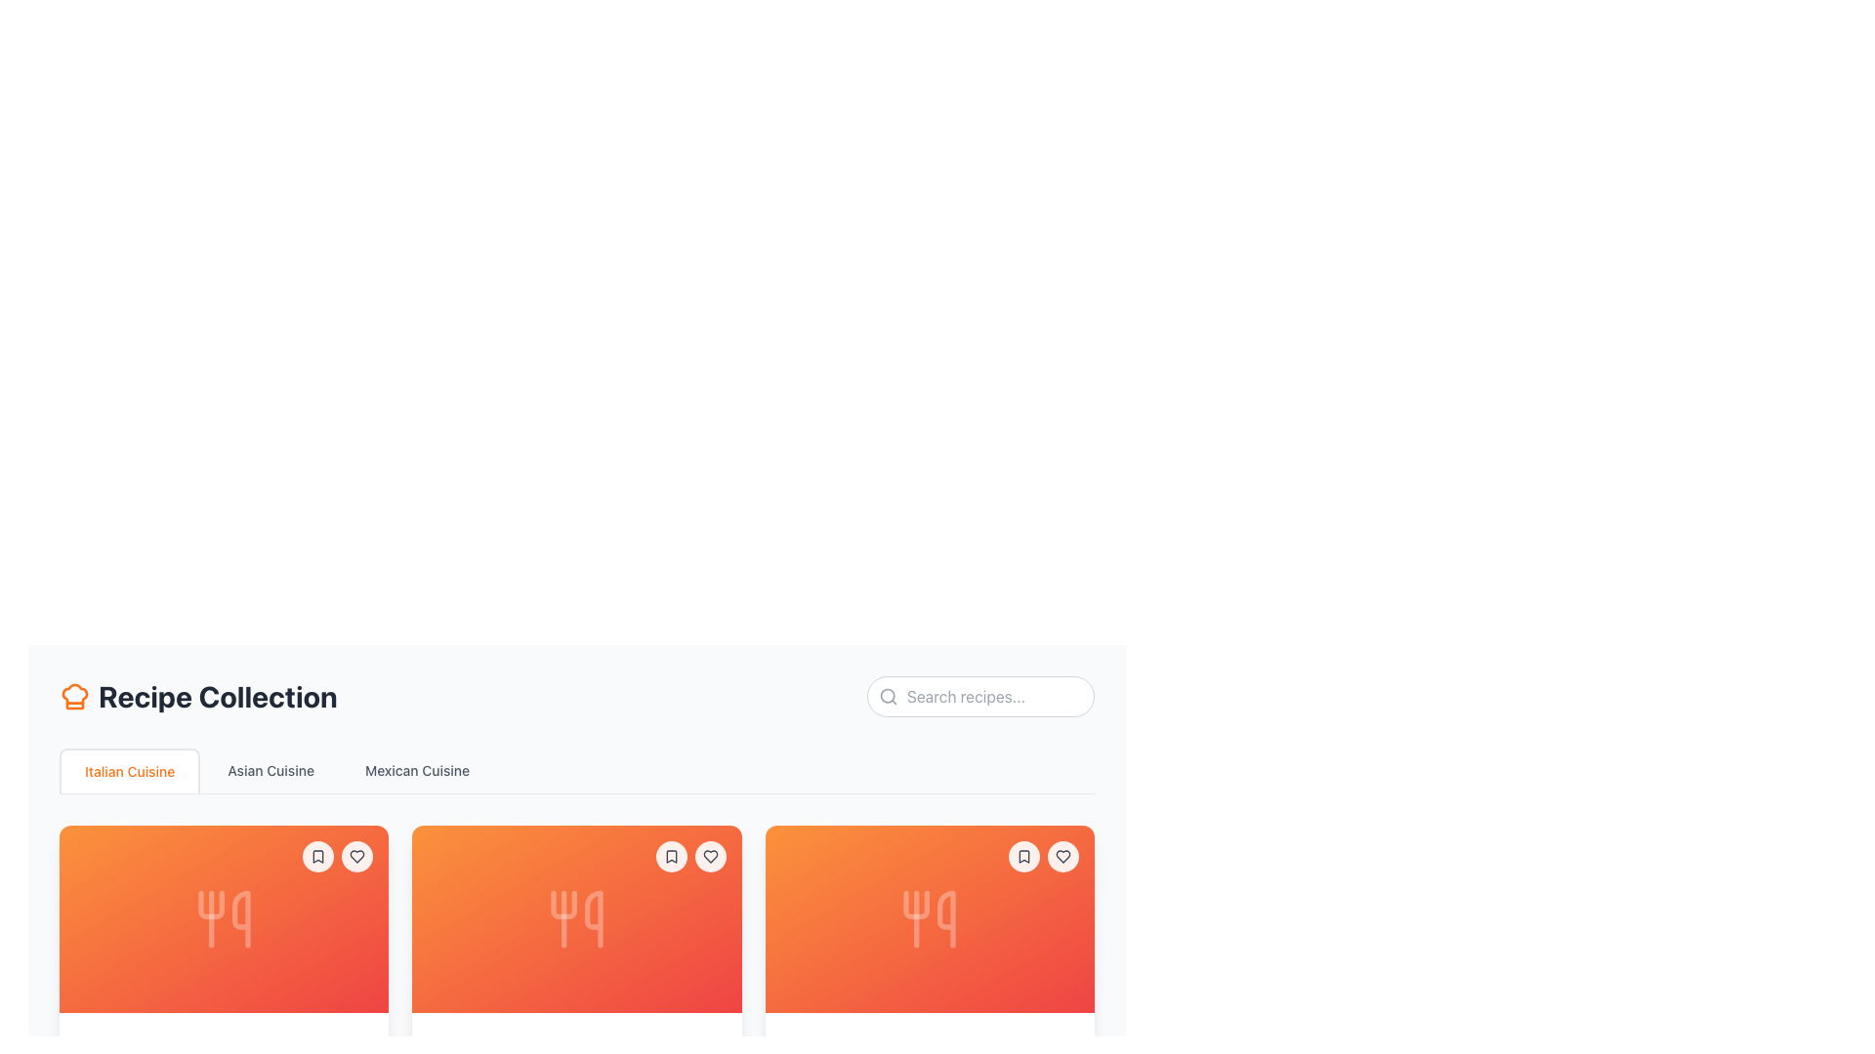 The height and width of the screenshot is (1054, 1875). Describe the element at coordinates (129, 770) in the screenshot. I see `the first navigation tab labeled 'Italian Cuisine' located below the 'Recipe Collection' heading` at that location.